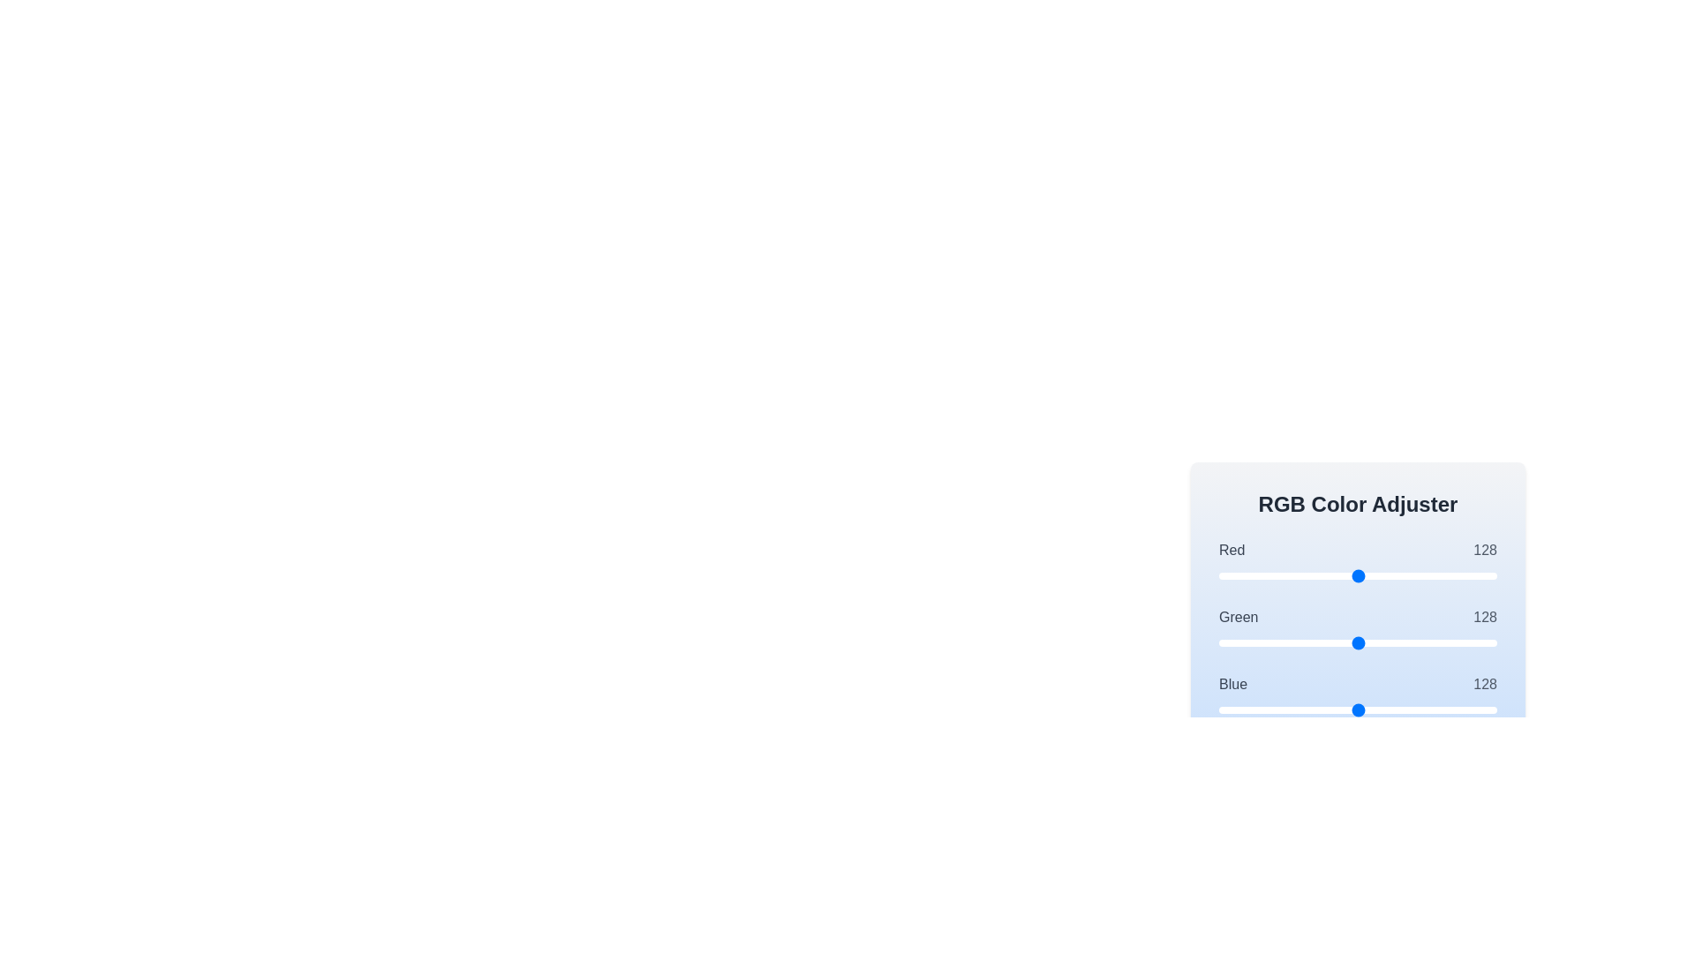 Image resolution: width=1695 pixels, height=953 pixels. What do you see at coordinates (1257, 643) in the screenshot?
I see `the green slider to 36 where value is between 0 and 255` at bounding box center [1257, 643].